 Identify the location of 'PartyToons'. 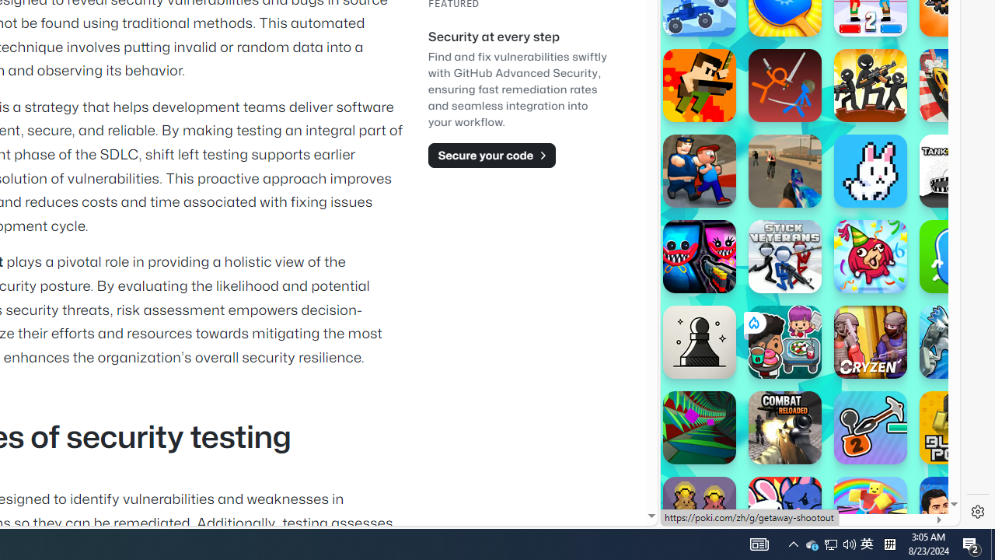
(871, 256).